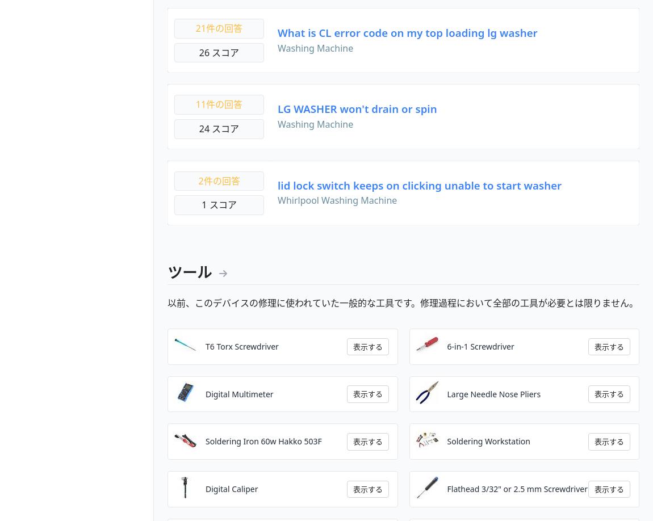 The image size is (653, 521). I want to click on 'LG WASHER won't drain or spin', so click(357, 108).